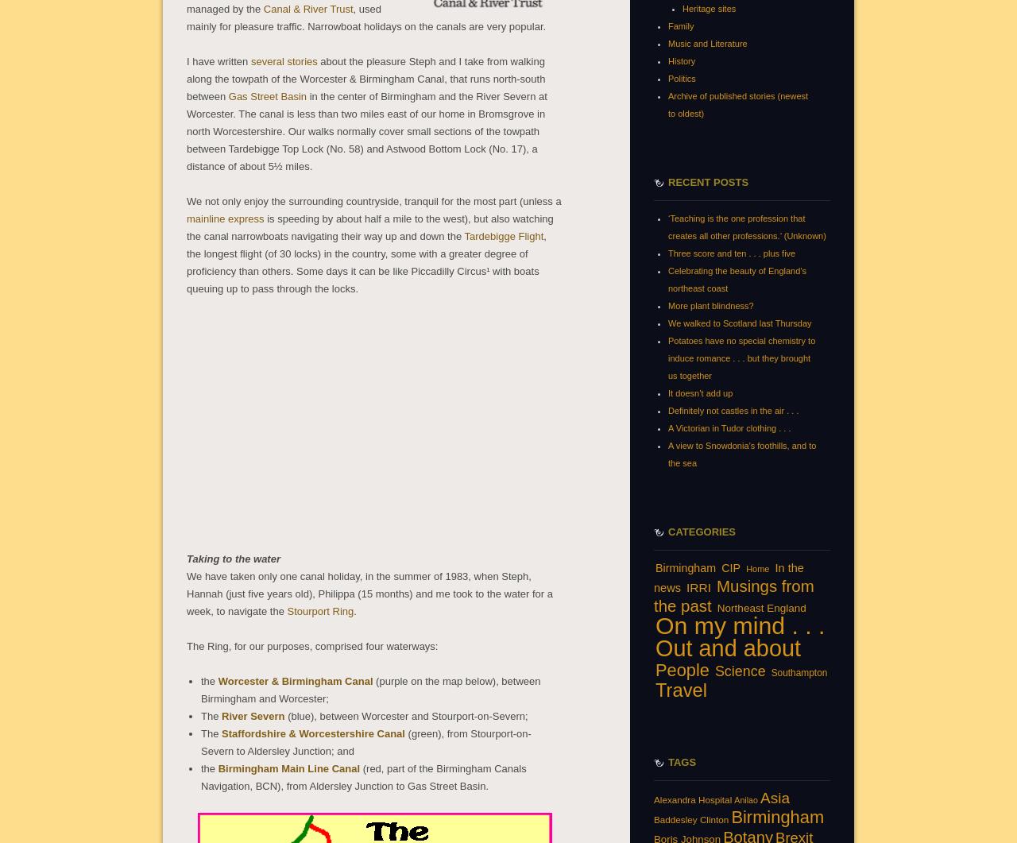 The width and height of the screenshot is (1017, 843). Describe the element at coordinates (744, 799) in the screenshot. I see `'Anilao'` at that location.